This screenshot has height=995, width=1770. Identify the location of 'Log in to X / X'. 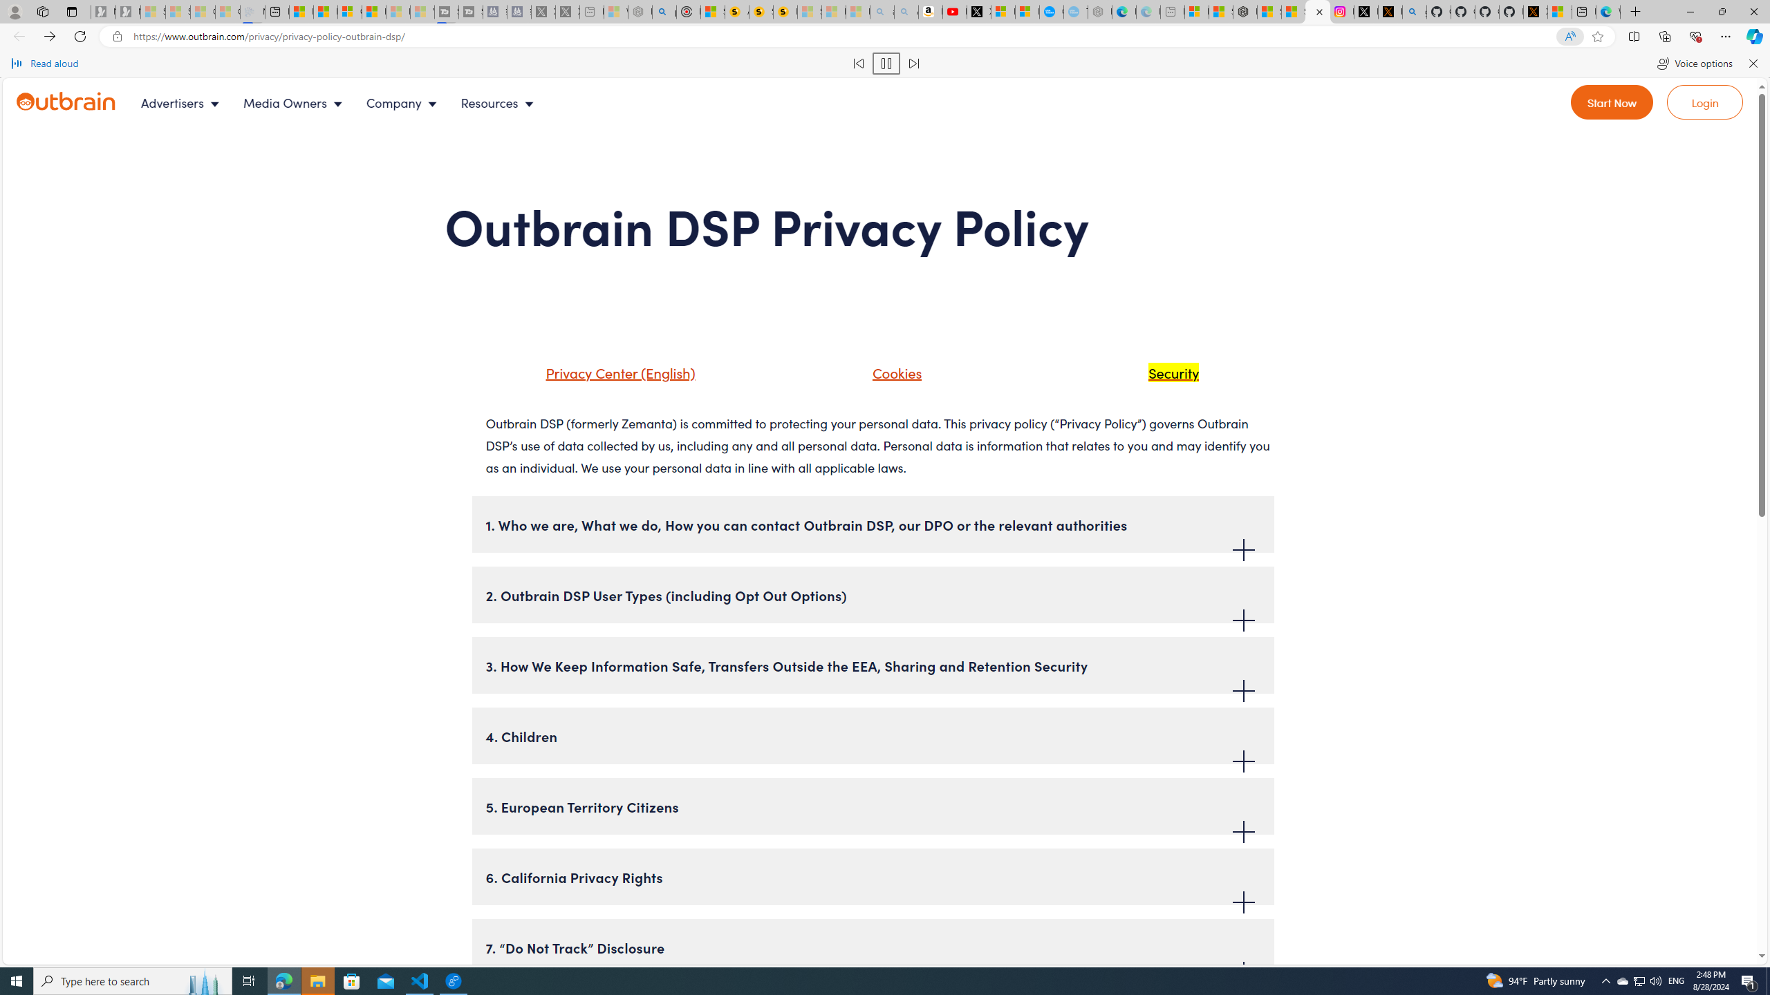
(1366, 11).